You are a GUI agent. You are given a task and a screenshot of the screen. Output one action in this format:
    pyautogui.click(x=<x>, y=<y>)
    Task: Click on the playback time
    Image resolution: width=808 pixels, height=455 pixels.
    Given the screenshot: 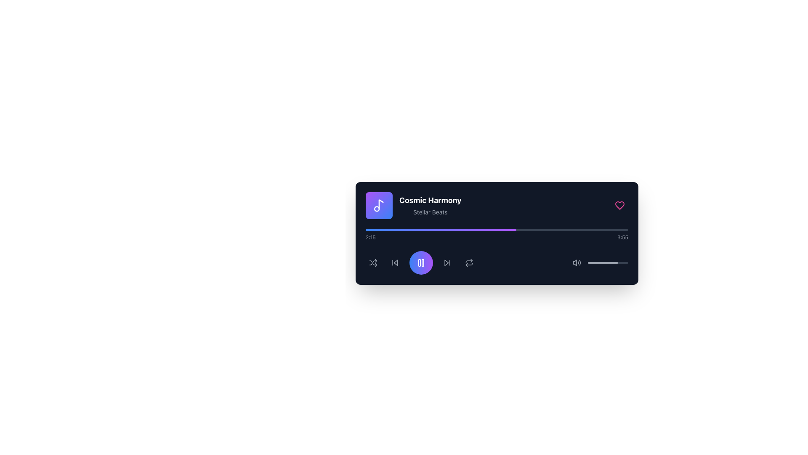 What is the action you would take?
    pyautogui.click(x=481, y=230)
    